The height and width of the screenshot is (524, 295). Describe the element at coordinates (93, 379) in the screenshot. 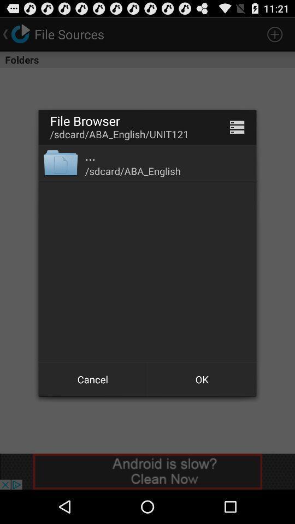

I see `item to the left of ok button` at that location.